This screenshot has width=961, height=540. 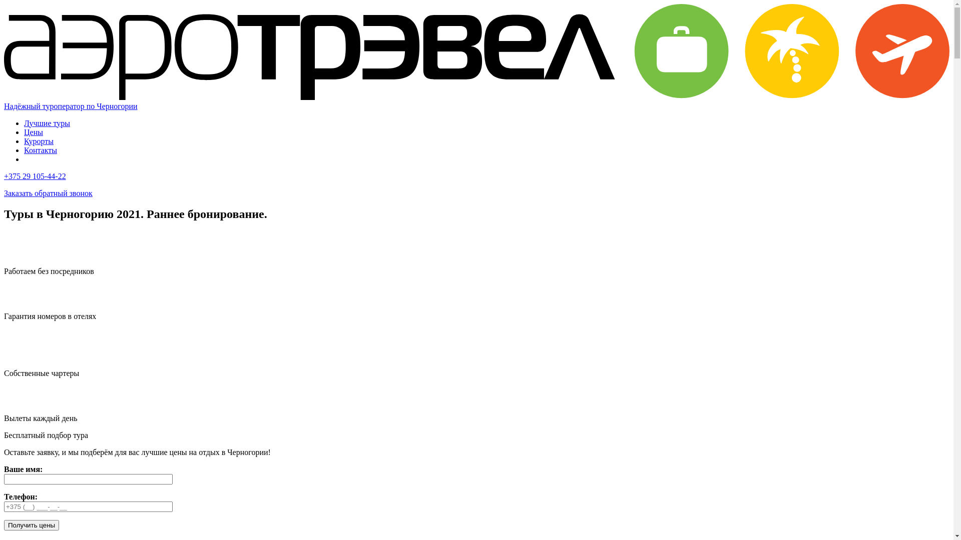 I want to click on '+375 29 105-44-22', so click(x=35, y=175).